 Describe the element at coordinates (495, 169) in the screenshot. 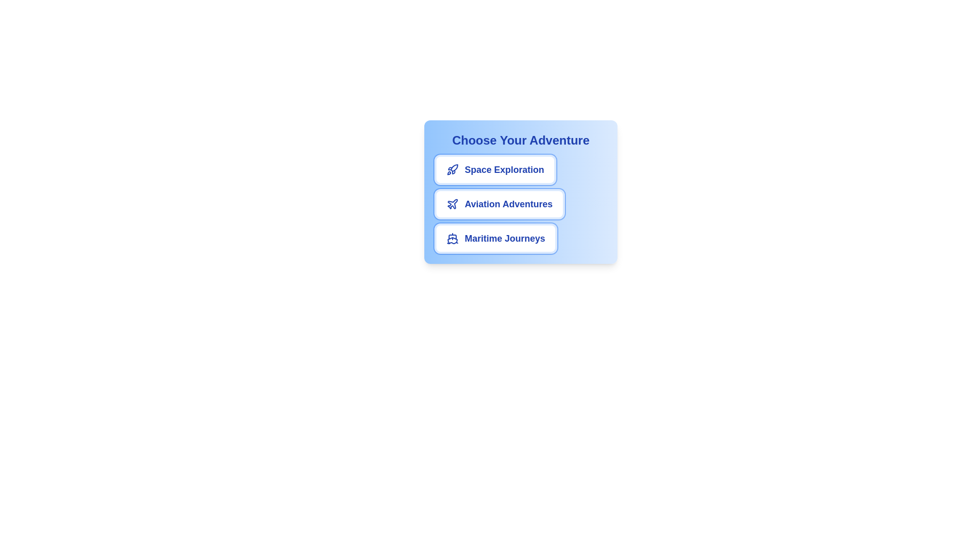

I see `the chip labeled Space Exploration to select it` at that location.